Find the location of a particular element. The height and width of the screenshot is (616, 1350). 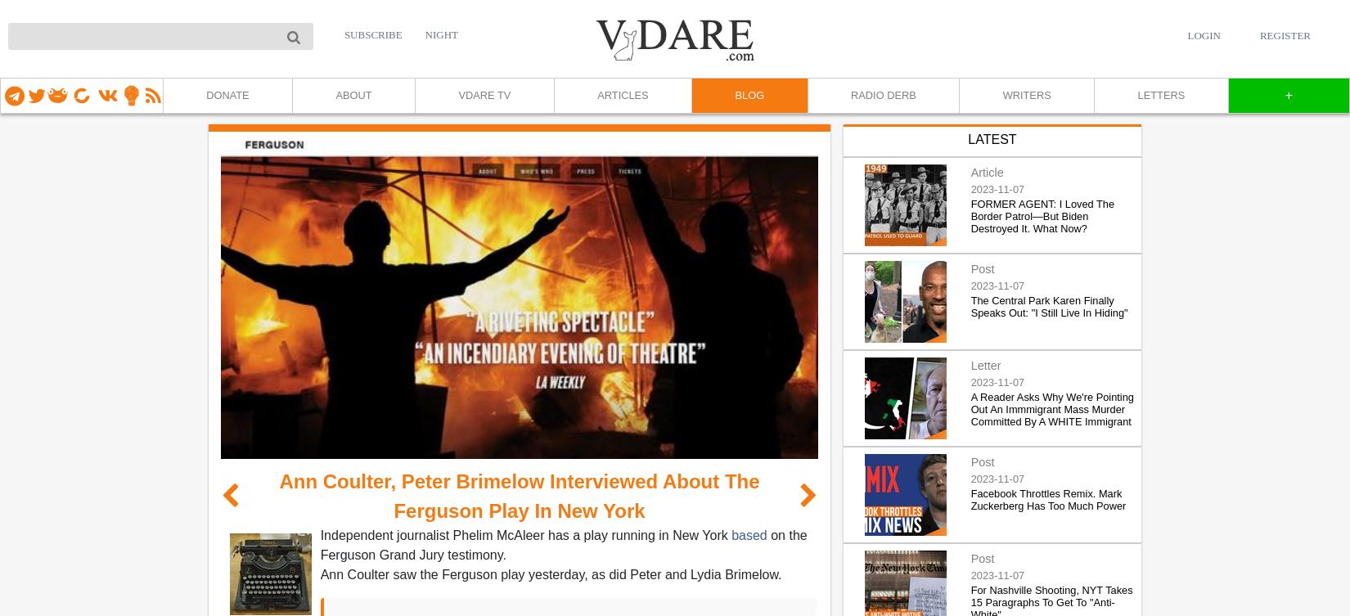

'Article' is located at coordinates (986, 171).